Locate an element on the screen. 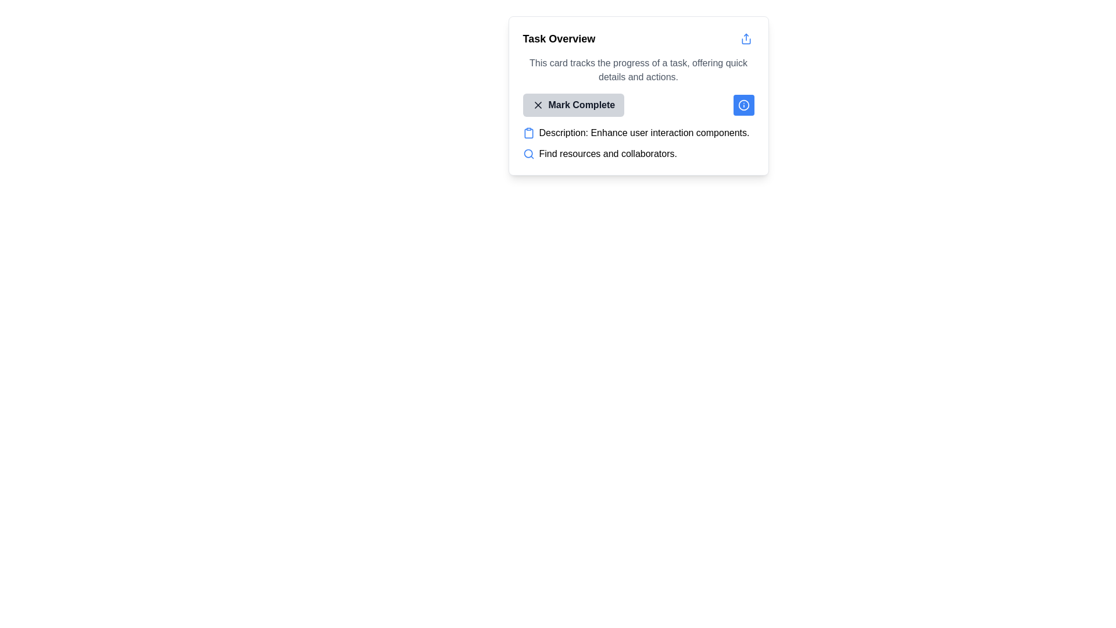  the upload icon button located in the top-right corner of the 'Task Overview' card to invoke the share functionality is located at coordinates (746, 38).